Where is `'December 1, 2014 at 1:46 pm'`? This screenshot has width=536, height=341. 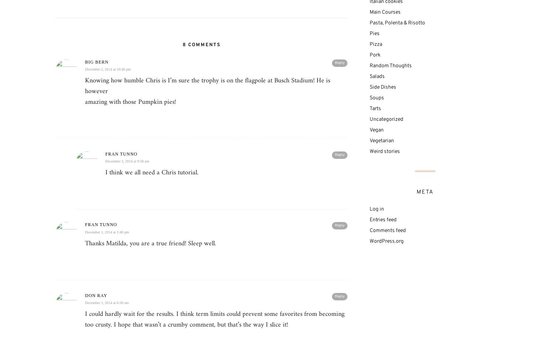
'December 1, 2014 at 1:46 pm' is located at coordinates (106, 231).